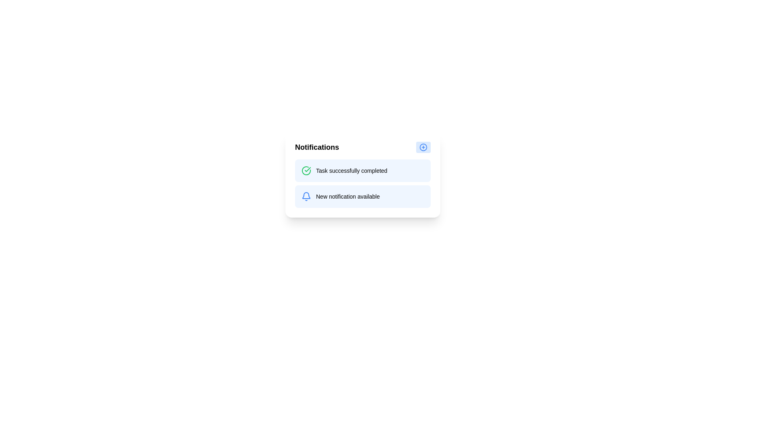 The width and height of the screenshot is (775, 436). What do you see at coordinates (423, 147) in the screenshot?
I see `the button located at the top-right corner of the 'Notifications' box` at bounding box center [423, 147].